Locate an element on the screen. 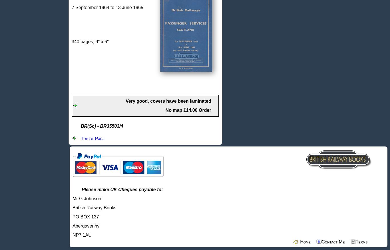 The width and height of the screenshot is (390, 250). '340 pages, 9" x 6"' is located at coordinates (90, 42).